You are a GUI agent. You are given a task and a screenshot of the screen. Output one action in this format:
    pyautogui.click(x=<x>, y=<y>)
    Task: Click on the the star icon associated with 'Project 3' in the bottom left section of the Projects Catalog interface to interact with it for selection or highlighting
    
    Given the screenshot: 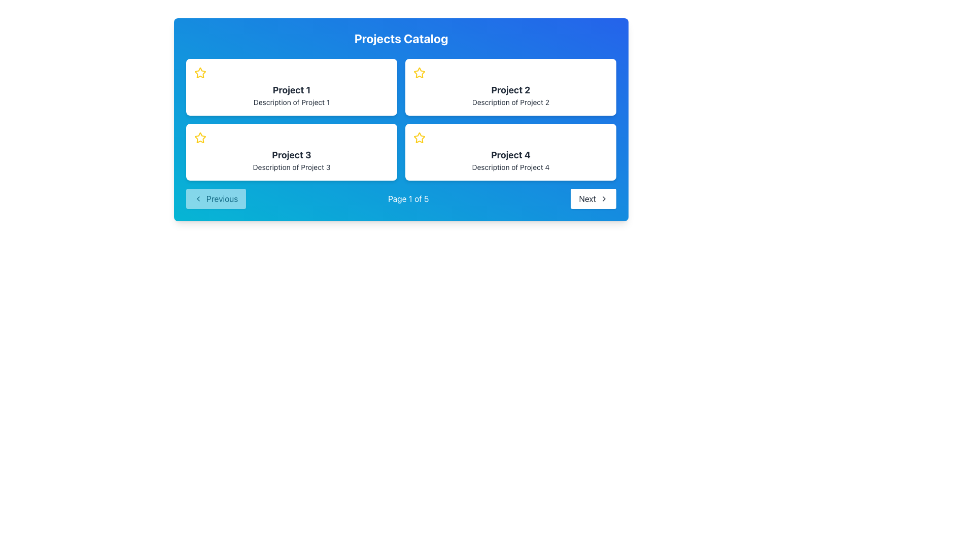 What is the action you would take?
    pyautogui.click(x=200, y=138)
    